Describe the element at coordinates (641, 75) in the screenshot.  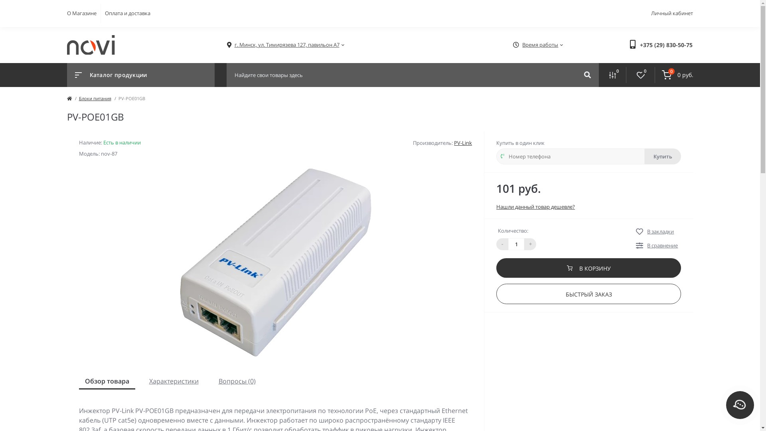
I see `'0'` at that location.